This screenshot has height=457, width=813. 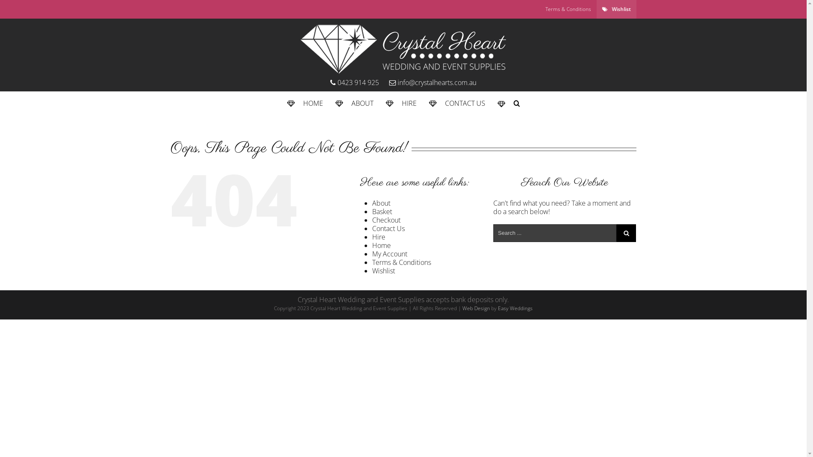 I want to click on 'Terms & Conditions', so click(x=539, y=9).